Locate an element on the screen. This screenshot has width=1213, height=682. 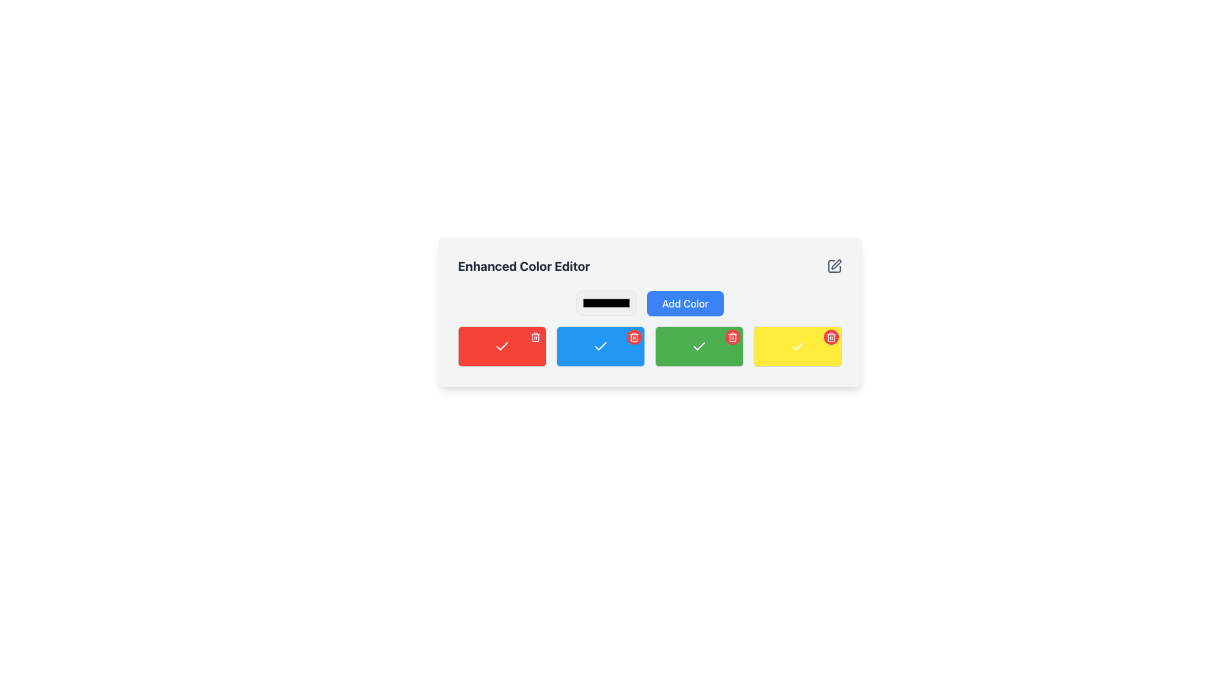
the red circular delete button with a trash bin icon located at the top-right corner of the yellow rectangular section is located at coordinates (831, 336).